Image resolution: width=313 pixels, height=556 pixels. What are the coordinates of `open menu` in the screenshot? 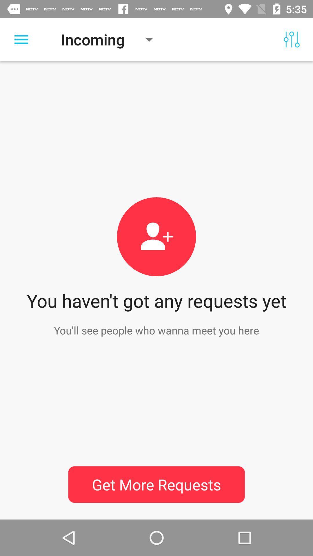 It's located at (21, 39).